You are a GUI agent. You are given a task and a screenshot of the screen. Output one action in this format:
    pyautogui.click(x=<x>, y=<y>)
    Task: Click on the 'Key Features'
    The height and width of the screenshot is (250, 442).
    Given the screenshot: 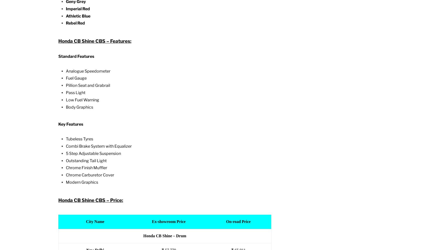 What is the action you would take?
    pyautogui.click(x=70, y=124)
    